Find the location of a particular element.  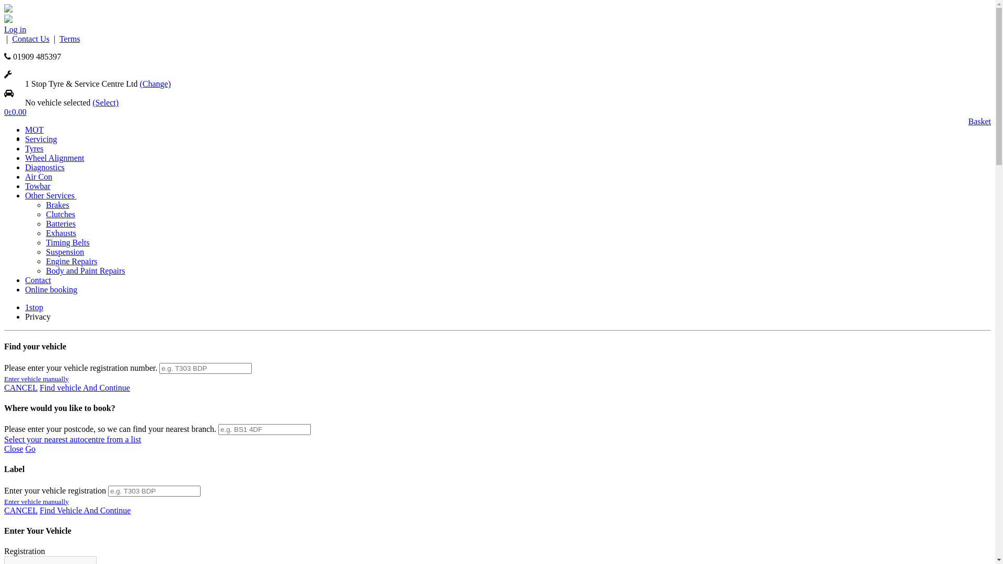

'(Change)' is located at coordinates (155, 83).